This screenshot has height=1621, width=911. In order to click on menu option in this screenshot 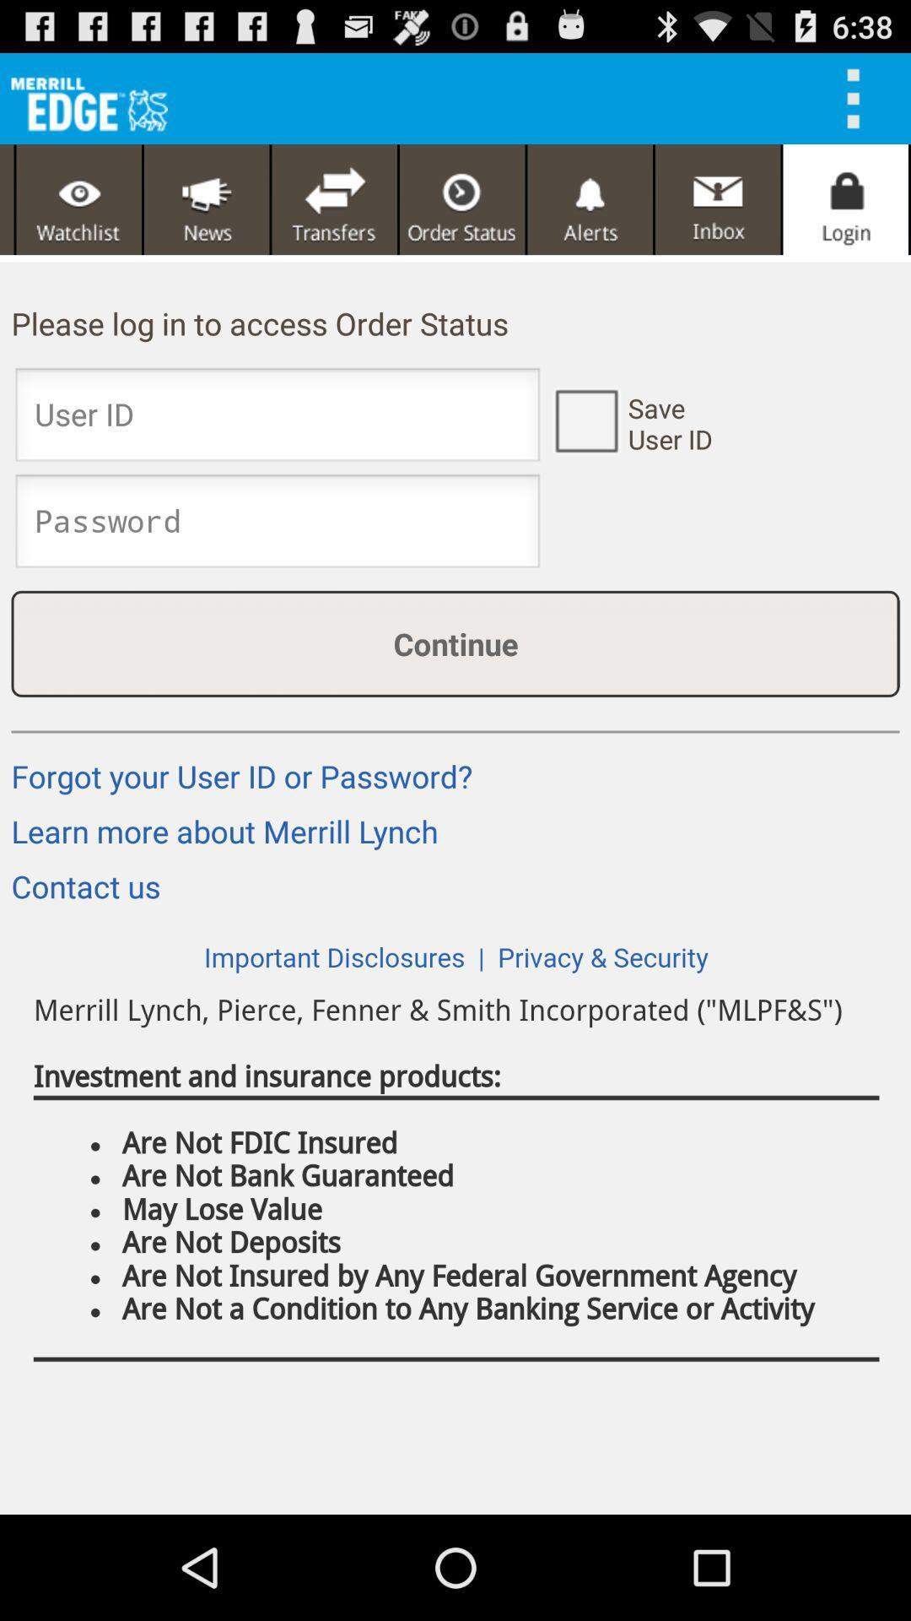, I will do `click(859, 97)`.